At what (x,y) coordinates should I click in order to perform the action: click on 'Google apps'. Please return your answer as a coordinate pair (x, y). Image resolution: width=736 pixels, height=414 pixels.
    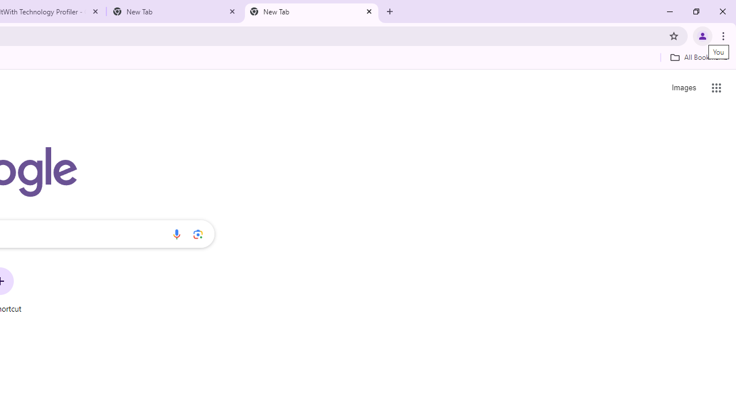
    Looking at the image, I should click on (716, 87).